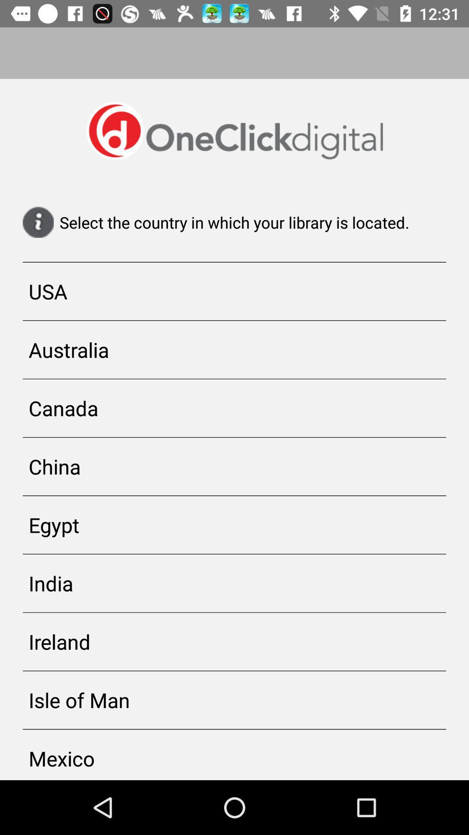 The width and height of the screenshot is (469, 835). I want to click on the canada icon, so click(234, 407).